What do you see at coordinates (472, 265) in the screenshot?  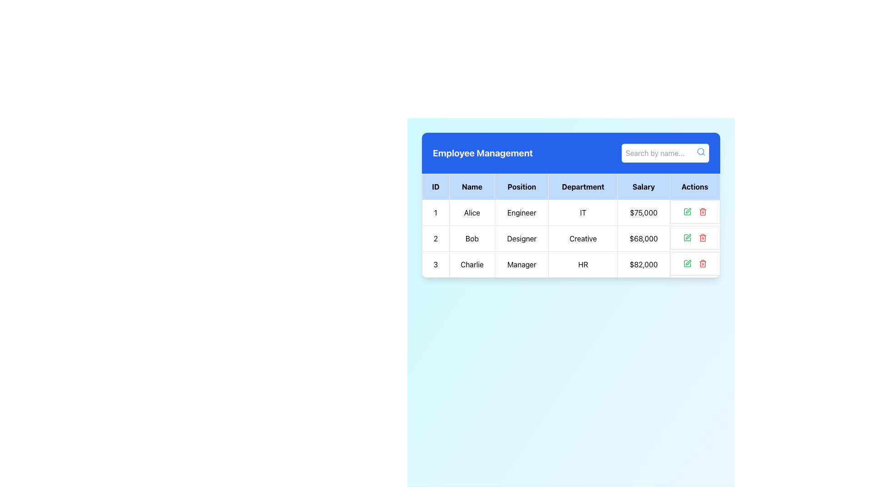 I see `the text label displaying the name 'Charlie' in the 'Name' column of row ID '3' in the table` at bounding box center [472, 265].